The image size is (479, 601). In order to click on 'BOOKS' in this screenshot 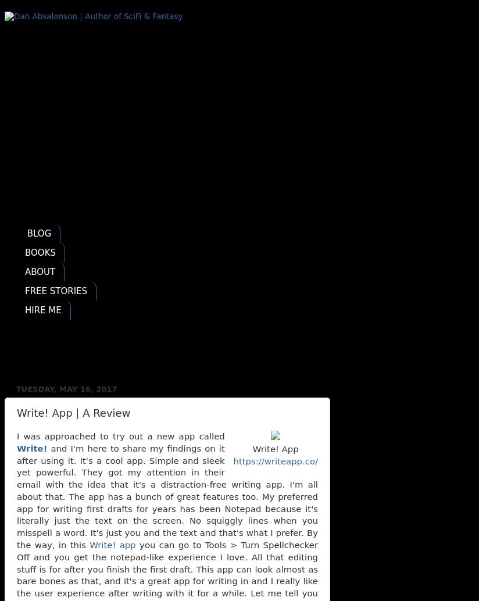, I will do `click(40, 251)`.